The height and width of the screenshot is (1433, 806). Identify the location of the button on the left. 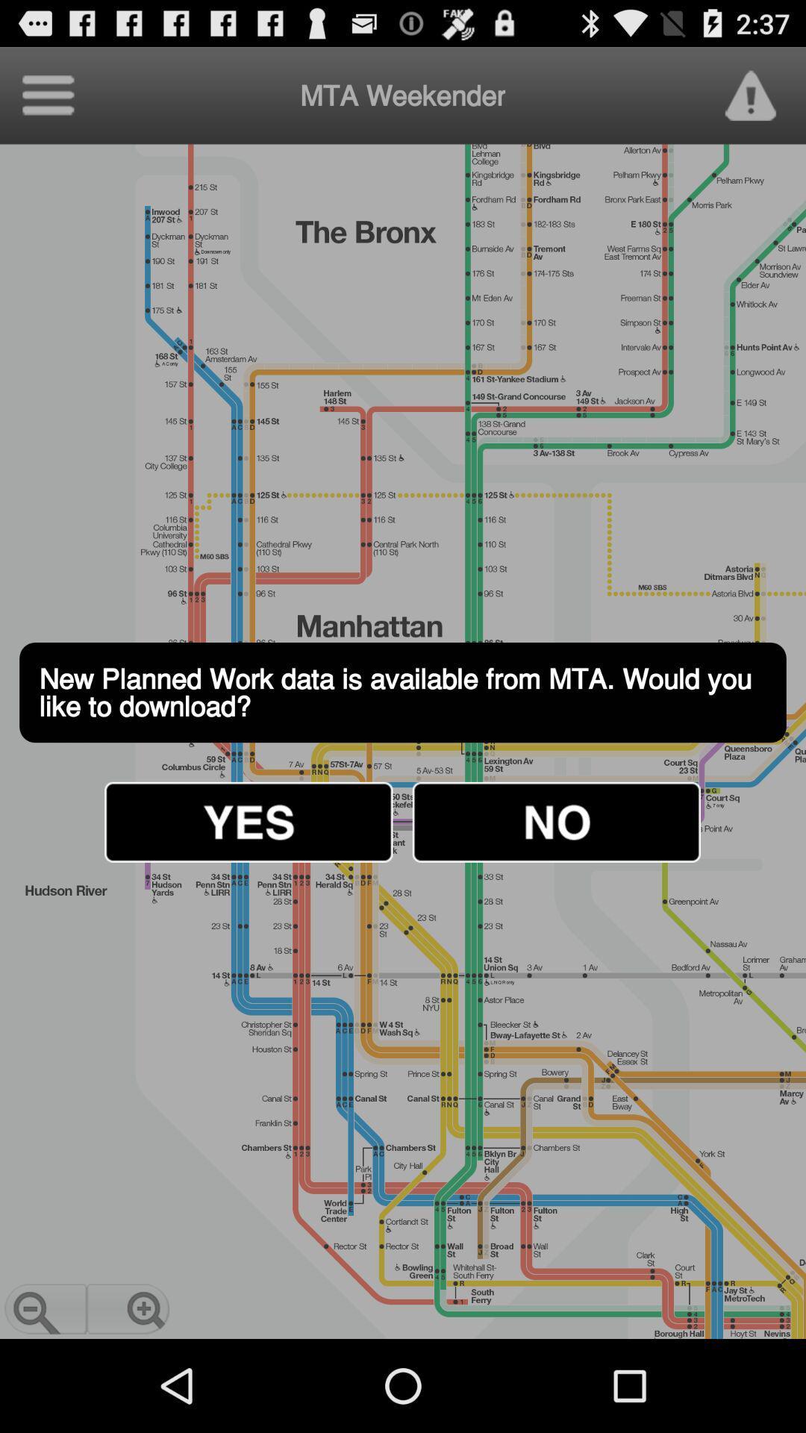
(248, 821).